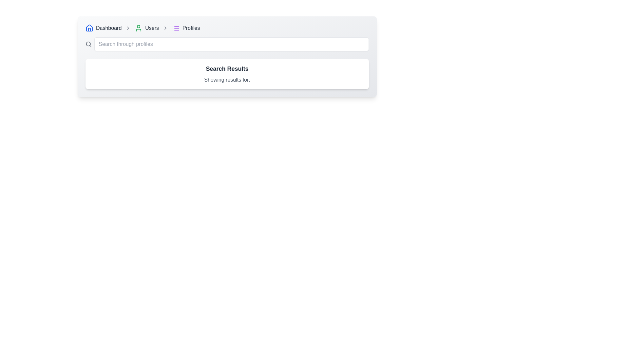 The width and height of the screenshot is (629, 354). What do you see at coordinates (185, 28) in the screenshot?
I see `the interactive breadcrumb link located at the rightmost end of the breadcrumb navigation bar, which follows the 'Users' breadcrumb item` at bounding box center [185, 28].